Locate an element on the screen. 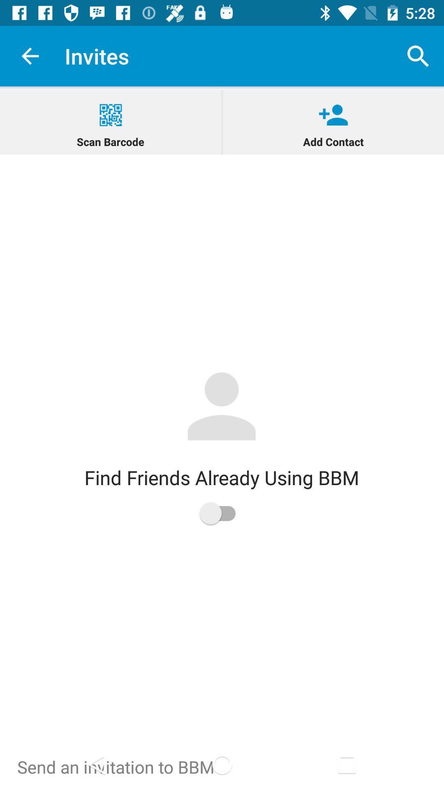  app next to the invites icon is located at coordinates (30, 56).